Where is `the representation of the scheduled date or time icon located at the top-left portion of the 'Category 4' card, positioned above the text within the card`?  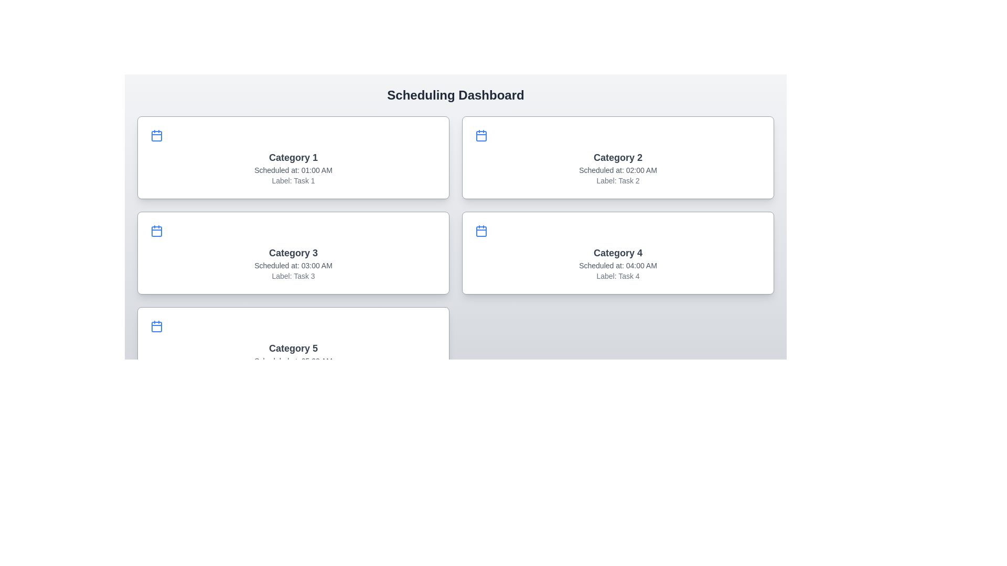
the representation of the scheduled date or time icon located at the top-left portion of the 'Category 4' card, positioned above the text within the card is located at coordinates (480, 230).